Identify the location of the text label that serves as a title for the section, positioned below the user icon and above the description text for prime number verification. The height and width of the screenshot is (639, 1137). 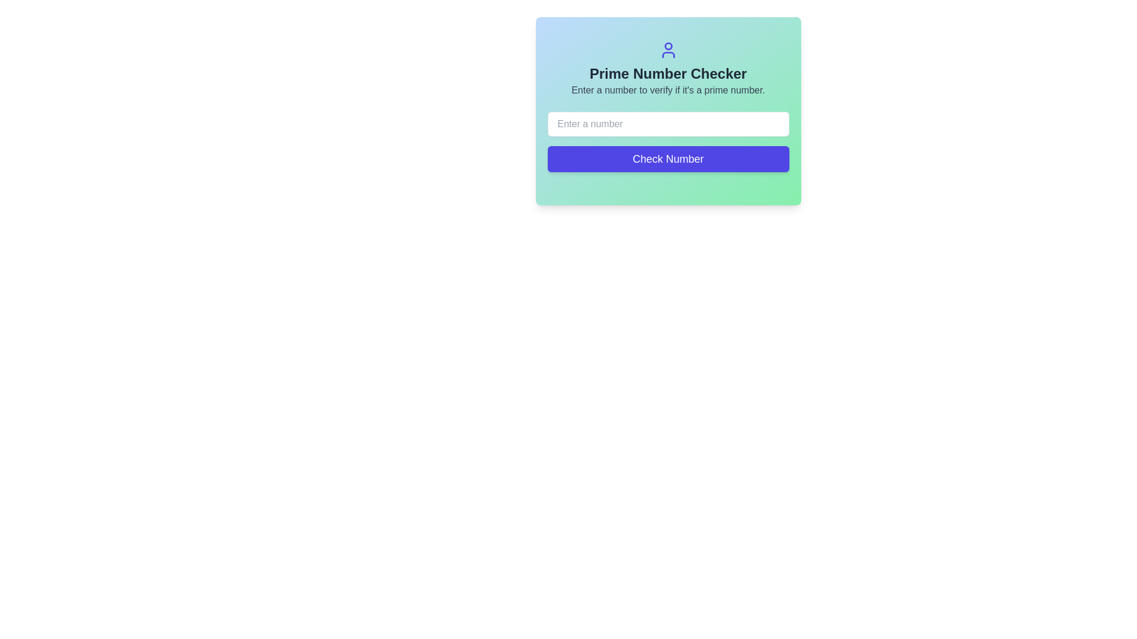
(668, 73).